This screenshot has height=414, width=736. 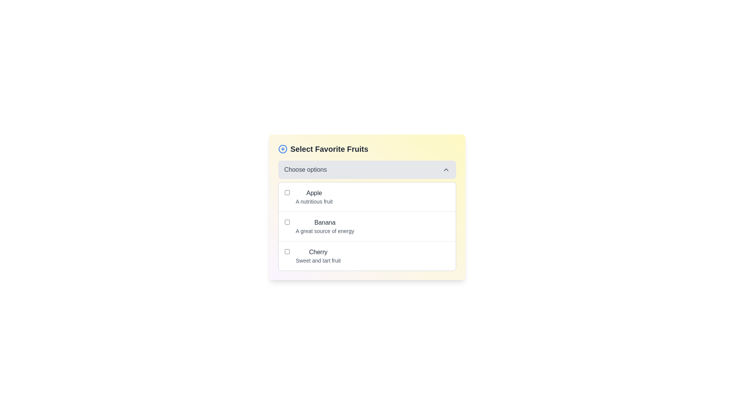 I want to click on 'Banana' text label, which is the second option in the 'Select Favorite Fruits' section, providing the primary label for this selectable item, so click(x=325, y=223).